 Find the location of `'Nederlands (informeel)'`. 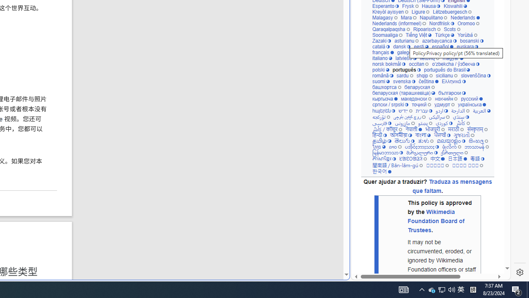

'Nederlands (informeel)' is located at coordinates (399, 23).